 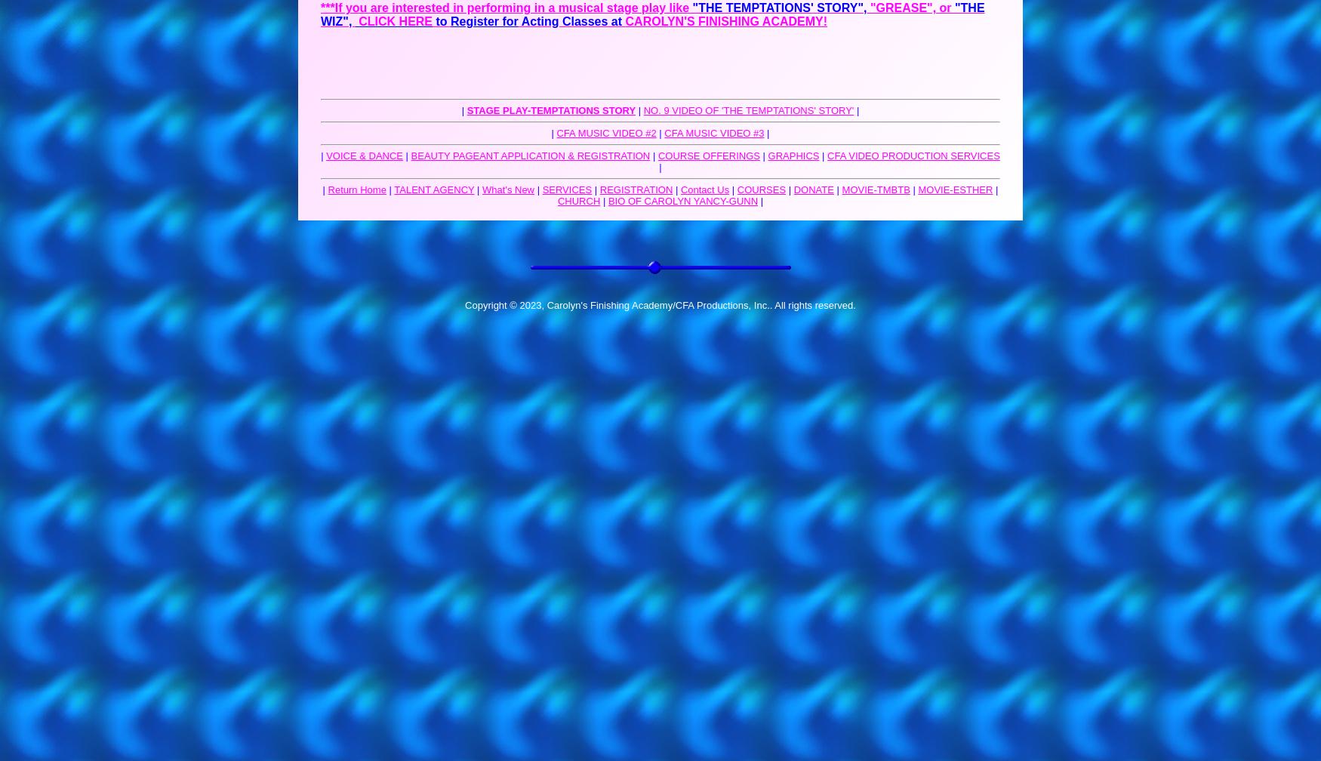 What do you see at coordinates (356, 189) in the screenshot?
I see `'Return Home'` at bounding box center [356, 189].